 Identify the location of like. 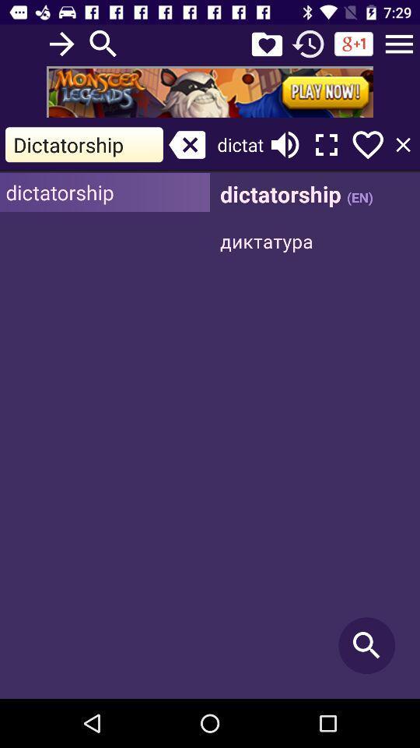
(367, 144).